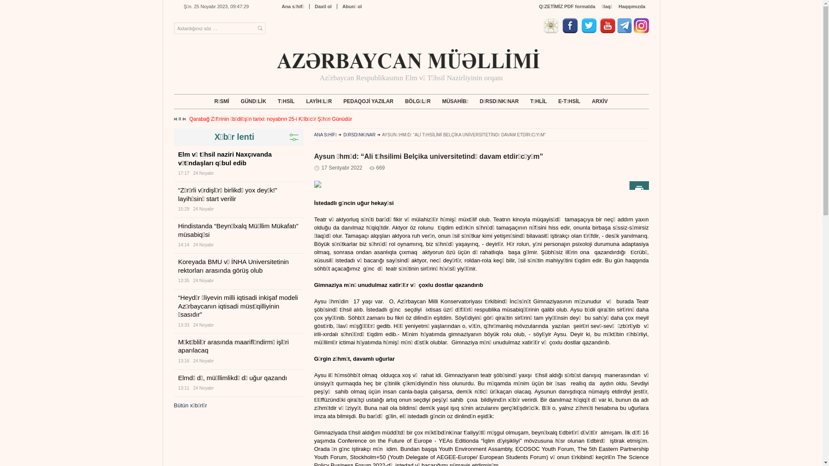 The image size is (829, 466). I want to click on 'Tehsil Nazirliyi', so click(551, 31).